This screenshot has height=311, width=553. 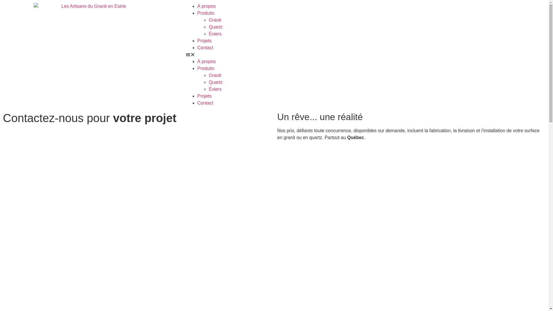 I want to click on 'Projets', so click(x=204, y=96).